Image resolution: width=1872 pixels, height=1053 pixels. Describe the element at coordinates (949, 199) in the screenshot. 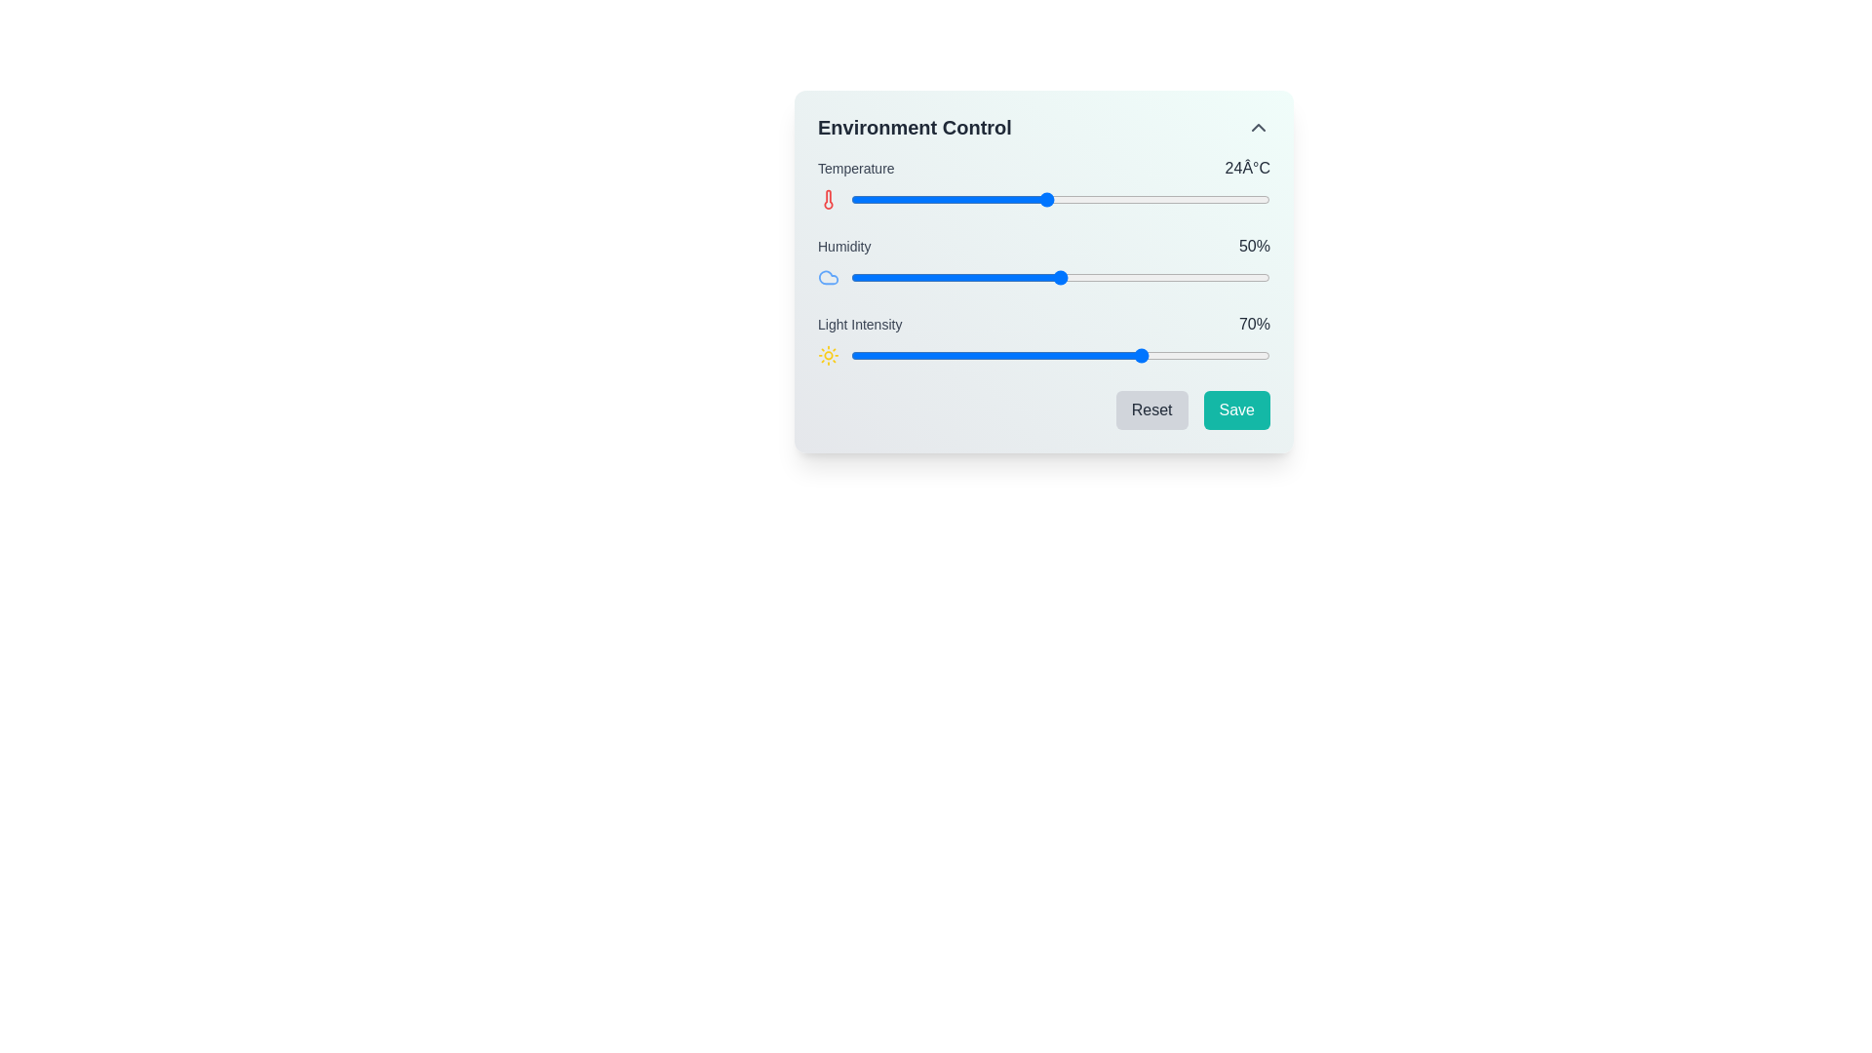

I see `temperature` at that location.